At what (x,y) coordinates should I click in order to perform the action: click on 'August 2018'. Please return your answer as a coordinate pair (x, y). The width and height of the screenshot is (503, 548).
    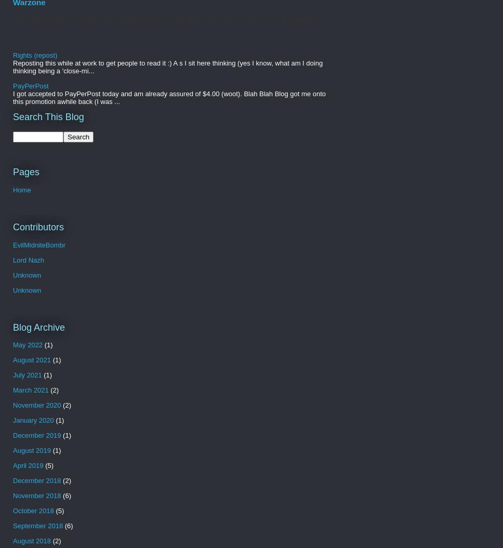
    Looking at the image, I should click on (31, 540).